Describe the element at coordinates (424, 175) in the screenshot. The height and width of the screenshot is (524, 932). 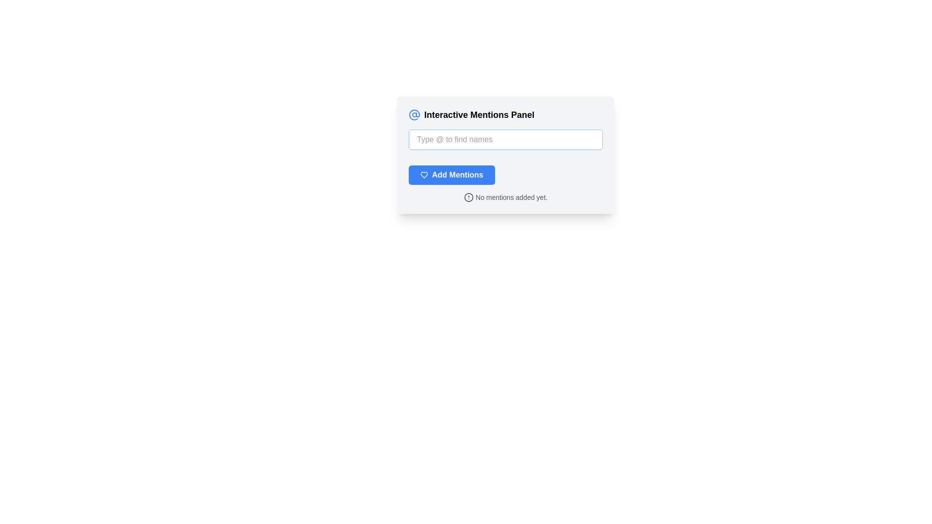
I see `the heart symbol icon located to the left of the 'Add Mentions' button, indicating a favoriting or liking action` at that location.